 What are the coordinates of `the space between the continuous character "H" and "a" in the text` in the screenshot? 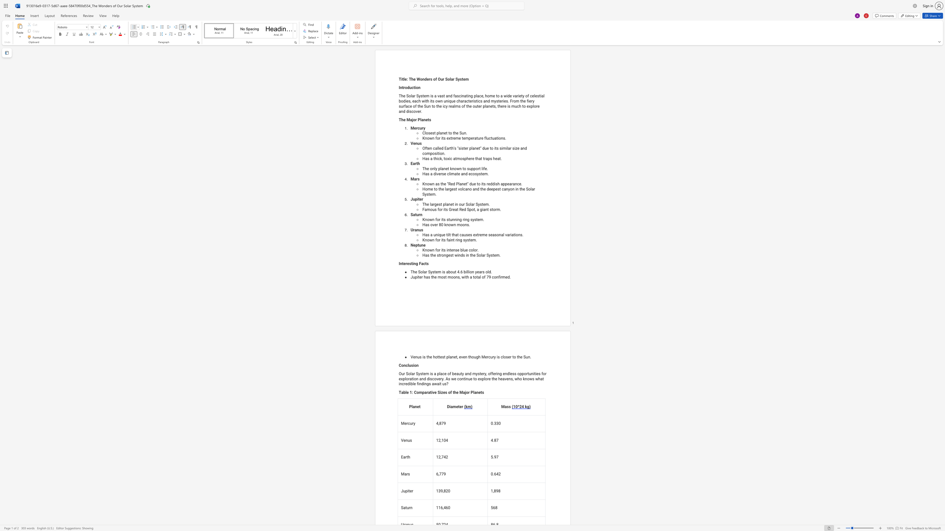 It's located at (424, 158).